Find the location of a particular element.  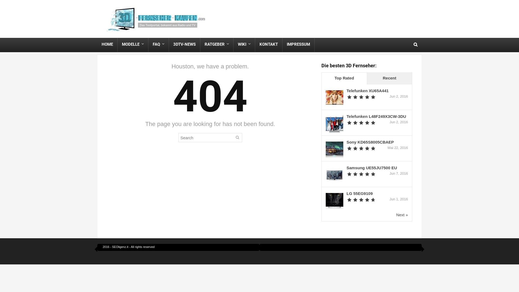

'IMPRESSUM' is located at coordinates (298, 44).